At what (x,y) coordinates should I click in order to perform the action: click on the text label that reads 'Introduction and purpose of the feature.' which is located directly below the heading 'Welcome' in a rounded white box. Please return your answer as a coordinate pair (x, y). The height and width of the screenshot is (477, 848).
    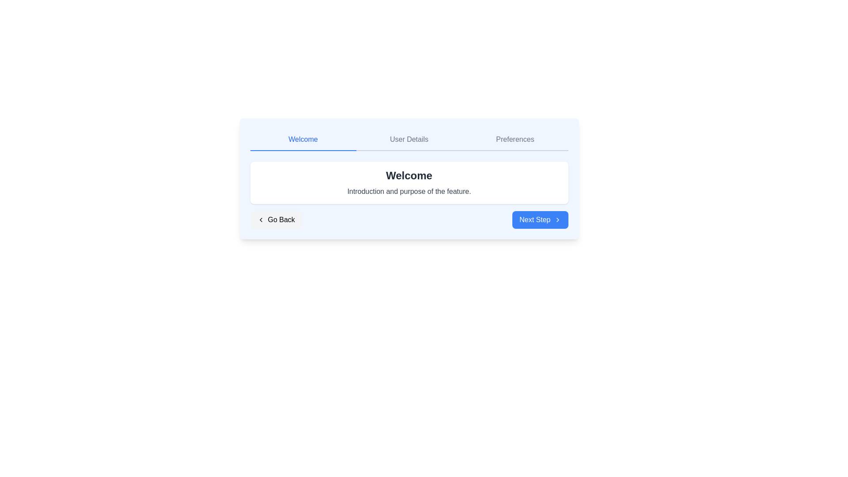
    Looking at the image, I should click on (409, 191).